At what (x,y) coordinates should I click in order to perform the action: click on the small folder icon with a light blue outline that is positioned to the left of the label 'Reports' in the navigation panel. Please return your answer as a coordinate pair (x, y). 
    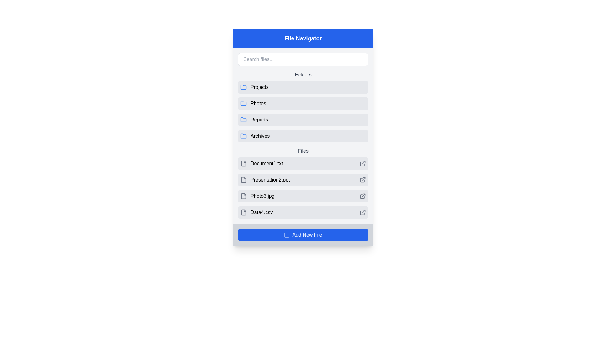
    Looking at the image, I should click on (243, 120).